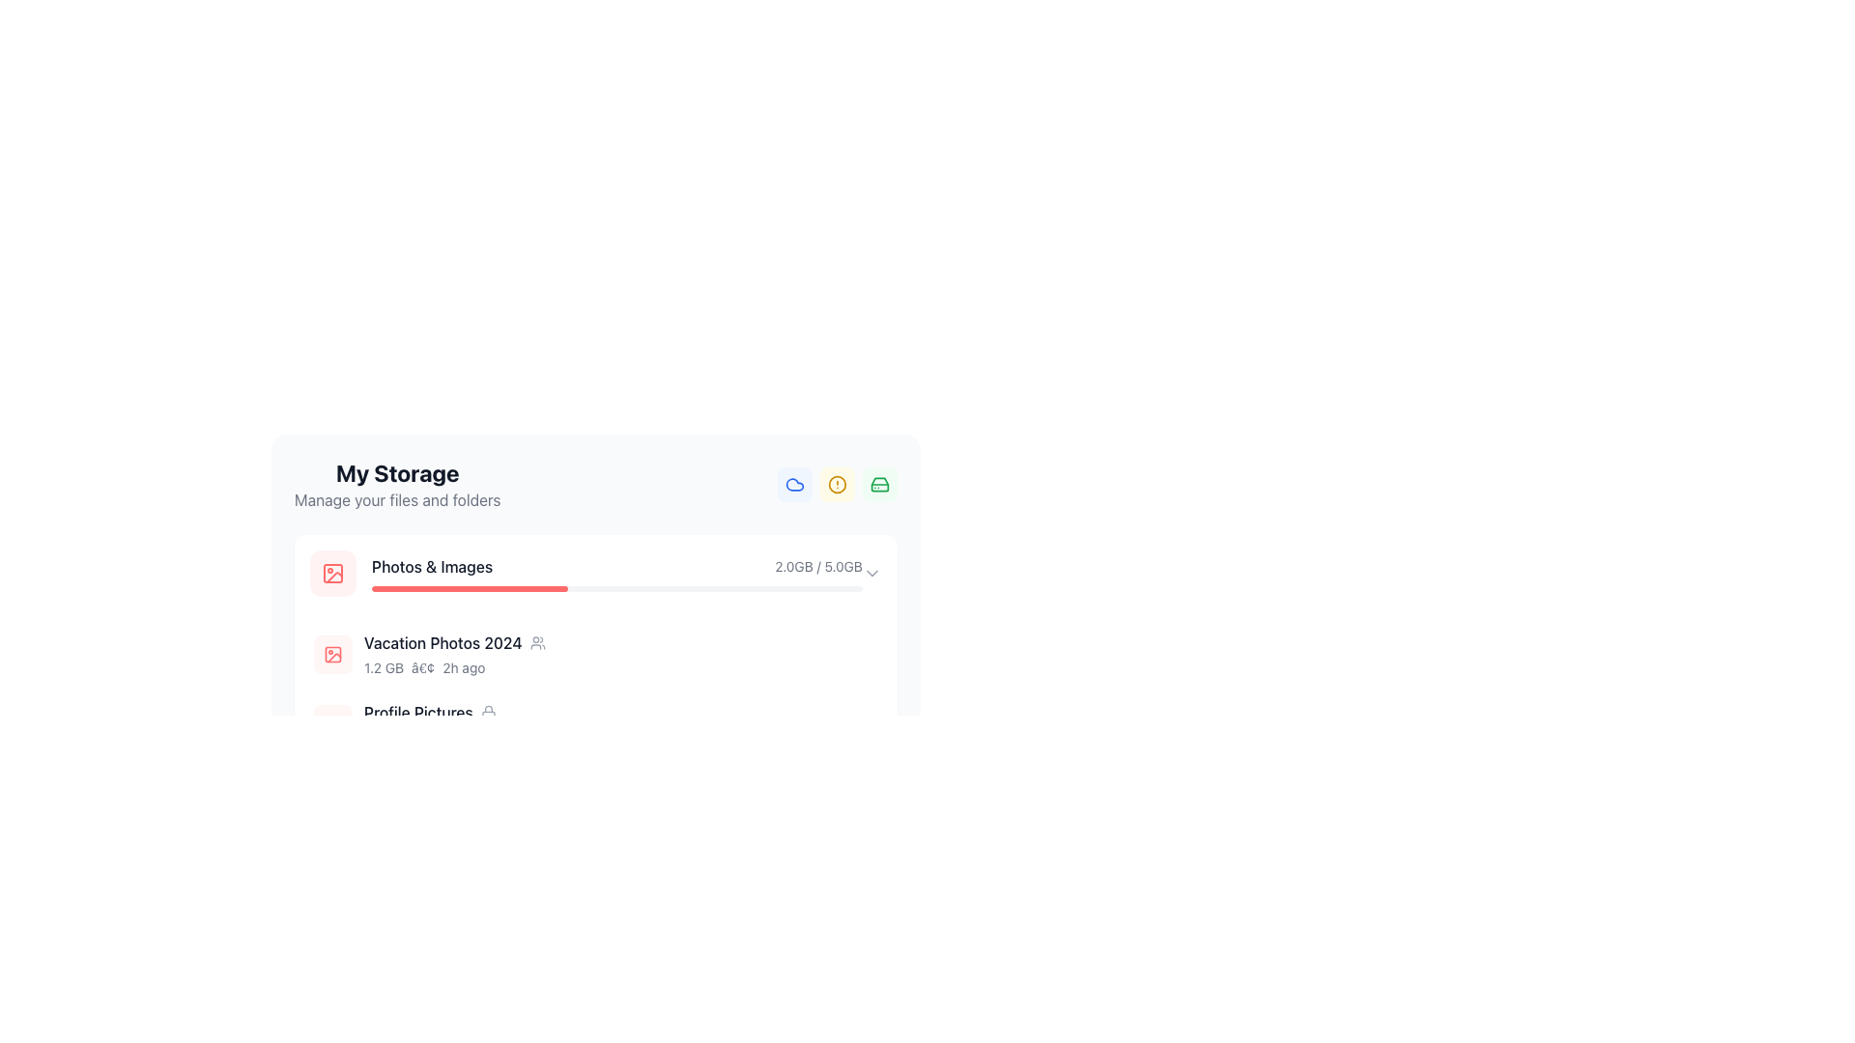 The height and width of the screenshot is (1043, 1855). I want to click on the Chevron Right icon located at the far right of the 'Photos & Images' row, so click(870, 573).